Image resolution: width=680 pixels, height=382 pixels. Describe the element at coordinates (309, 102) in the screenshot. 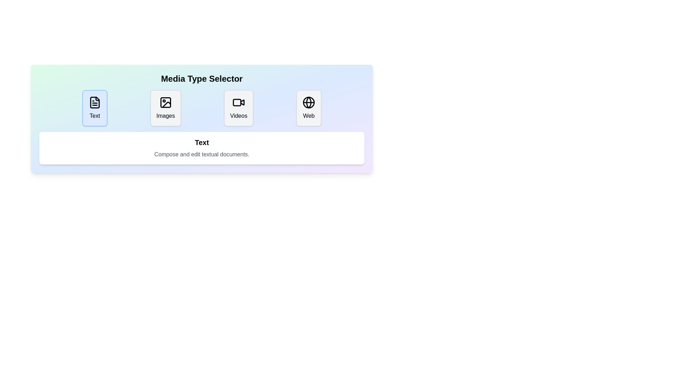

I see `the SVG Circle element, which is a circular graphical item with a defined border, part of the 'Web' icon in the Media Type Selector` at that location.